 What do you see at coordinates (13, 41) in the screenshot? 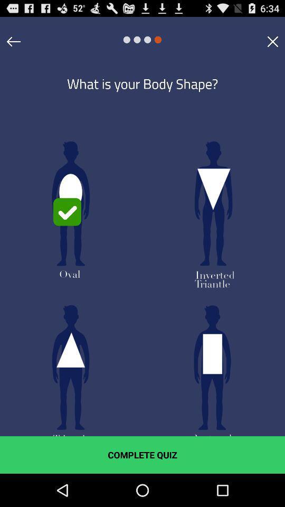
I see `the icon above the what is your icon` at bounding box center [13, 41].